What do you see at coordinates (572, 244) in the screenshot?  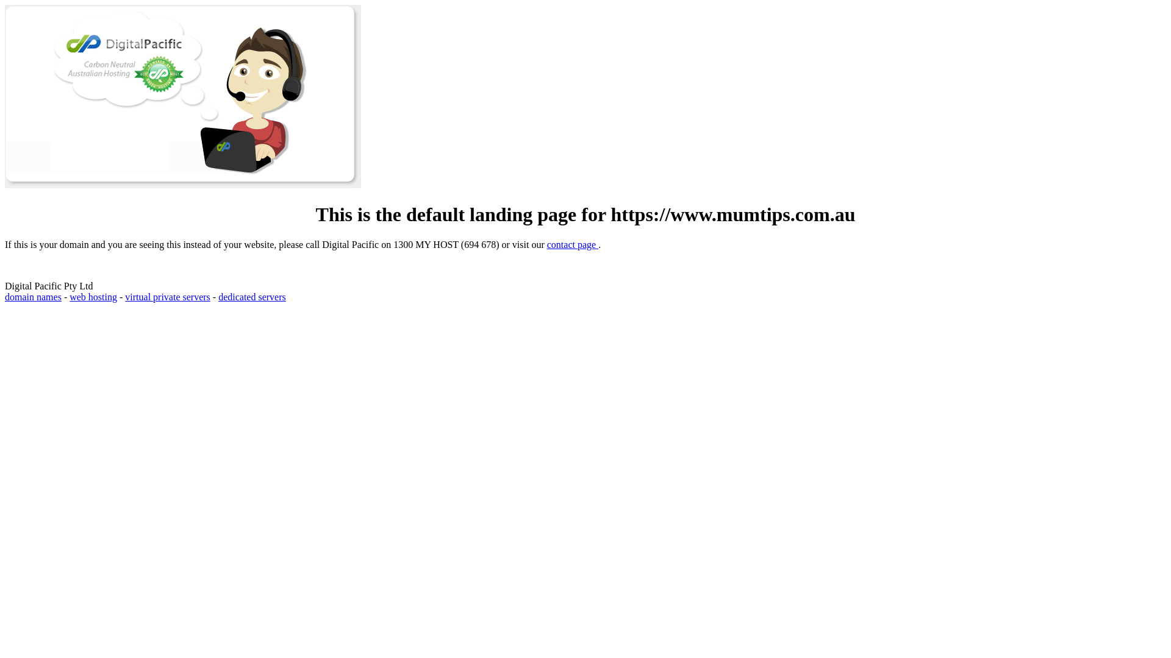 I see `'contact page'` at bounding box center [572, 244].